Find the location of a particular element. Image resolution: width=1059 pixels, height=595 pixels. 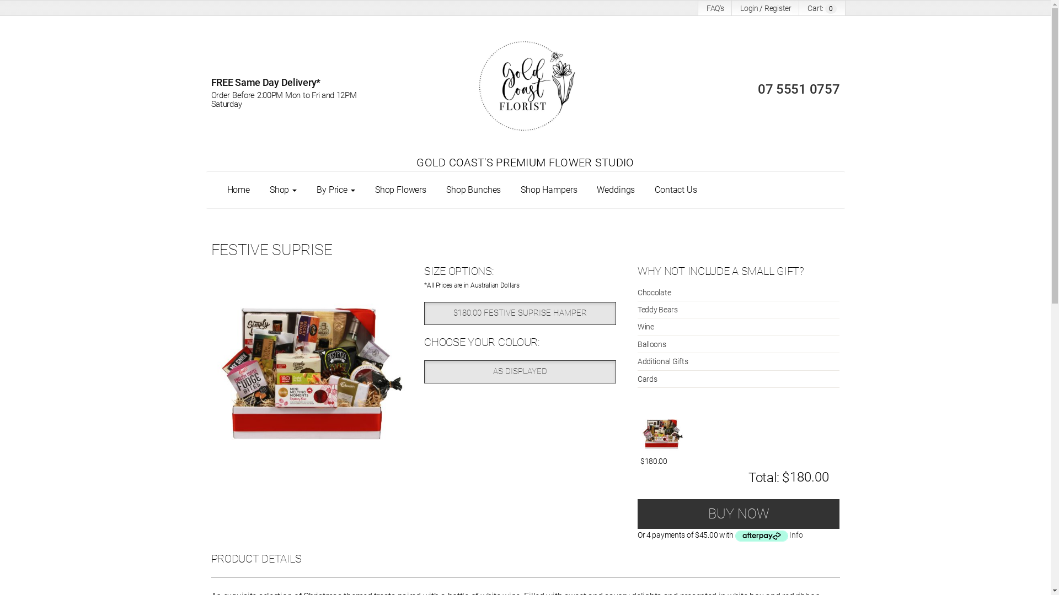

'Chocolate' is located at coordinates (739, 292).